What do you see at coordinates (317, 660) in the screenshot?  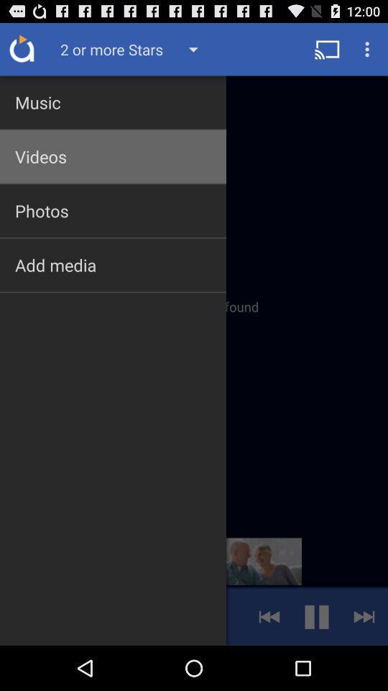 I see `the pause icon` at bounding box center [317, 660].